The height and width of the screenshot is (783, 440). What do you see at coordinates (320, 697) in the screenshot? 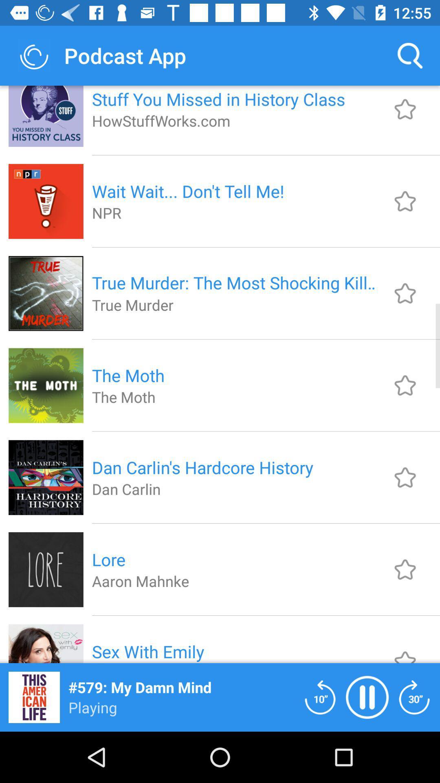
I see `go back` at bounding box center [320, 697].